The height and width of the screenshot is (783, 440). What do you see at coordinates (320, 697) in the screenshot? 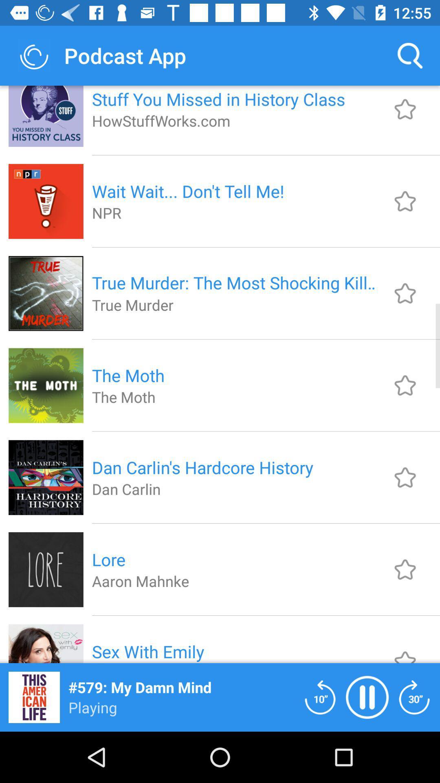
I see `go back` at bounding box center [320, 697].